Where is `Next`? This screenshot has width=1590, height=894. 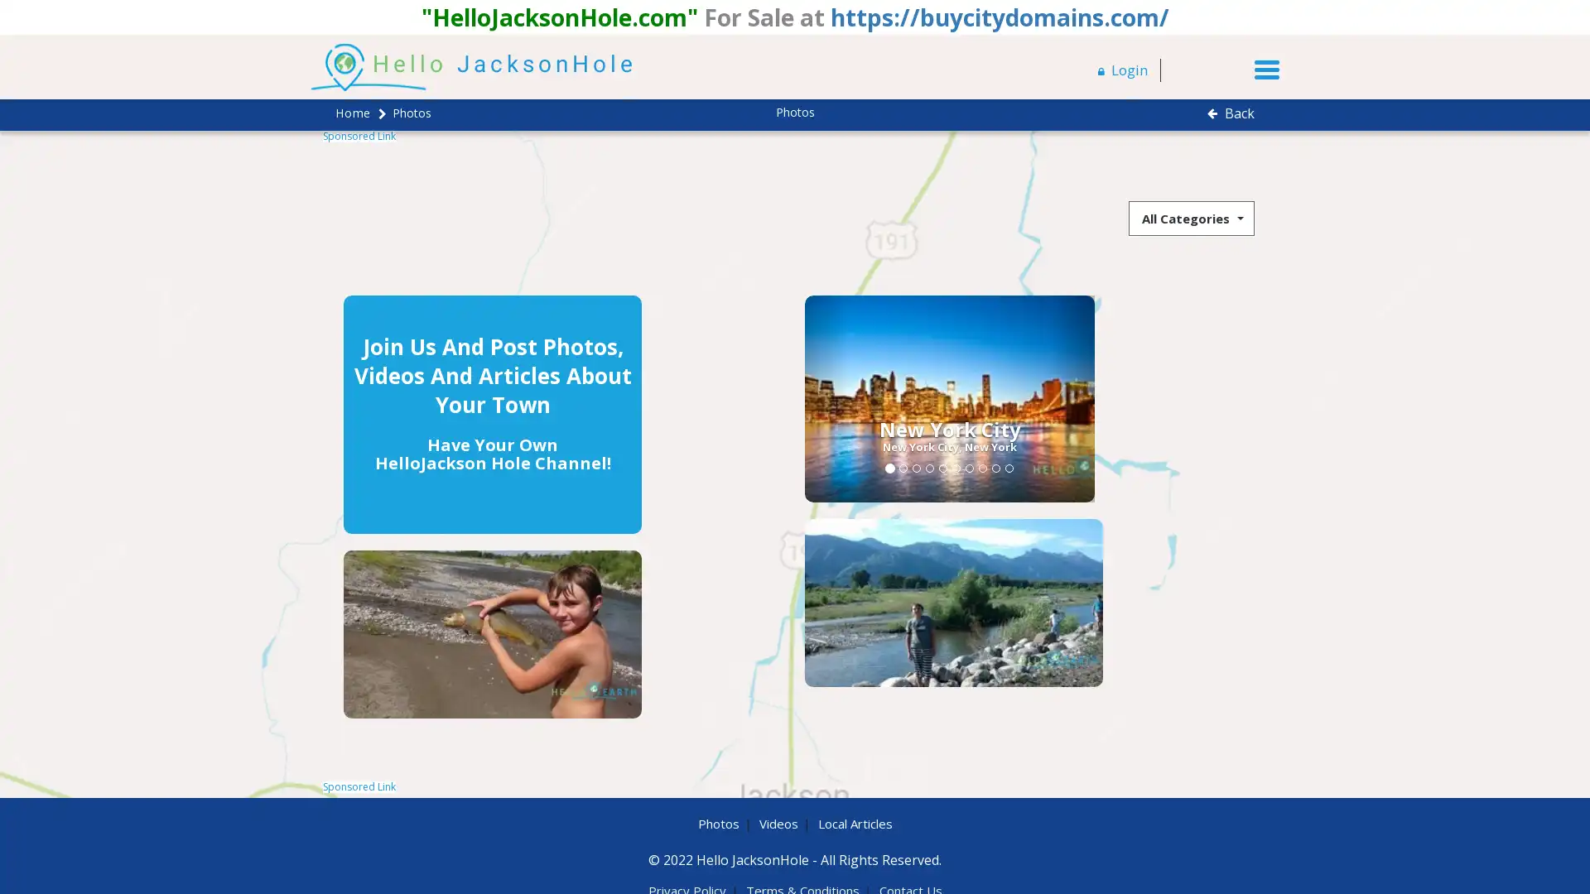 Next is located at coordinates (924, 398).